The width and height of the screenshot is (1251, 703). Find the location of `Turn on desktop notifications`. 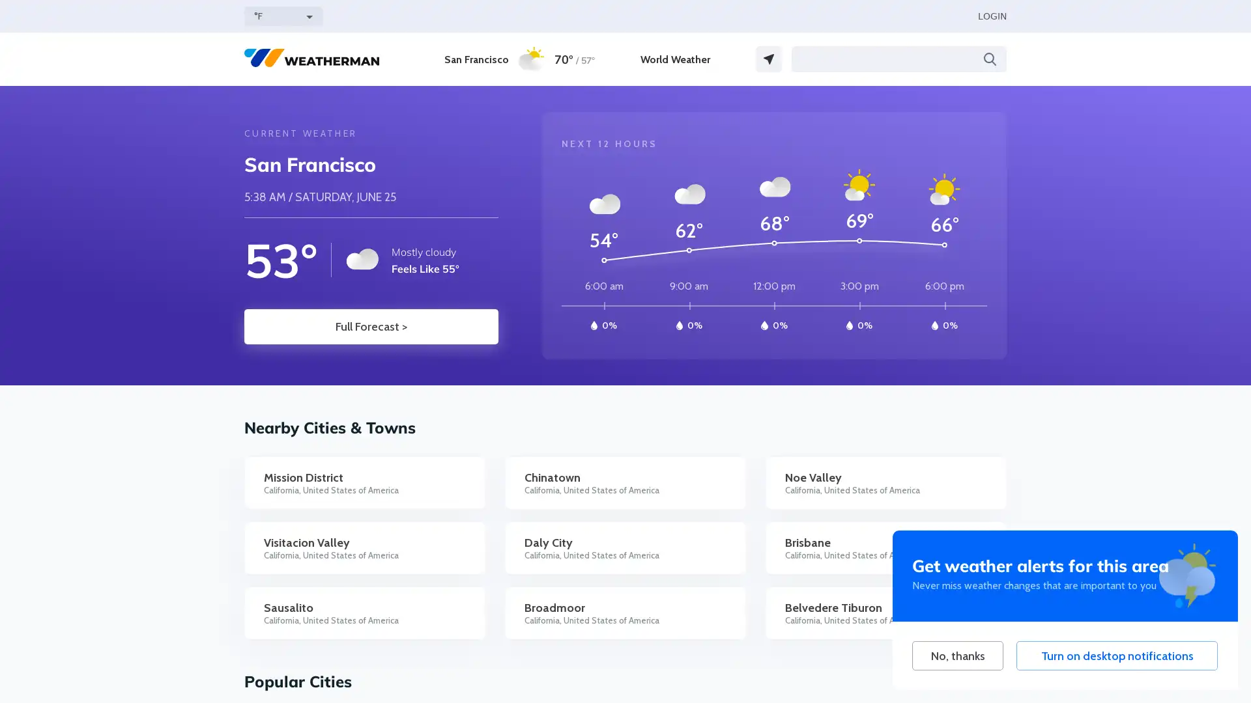

Turn on desktop notifications is located at coordinates (1116, 655).